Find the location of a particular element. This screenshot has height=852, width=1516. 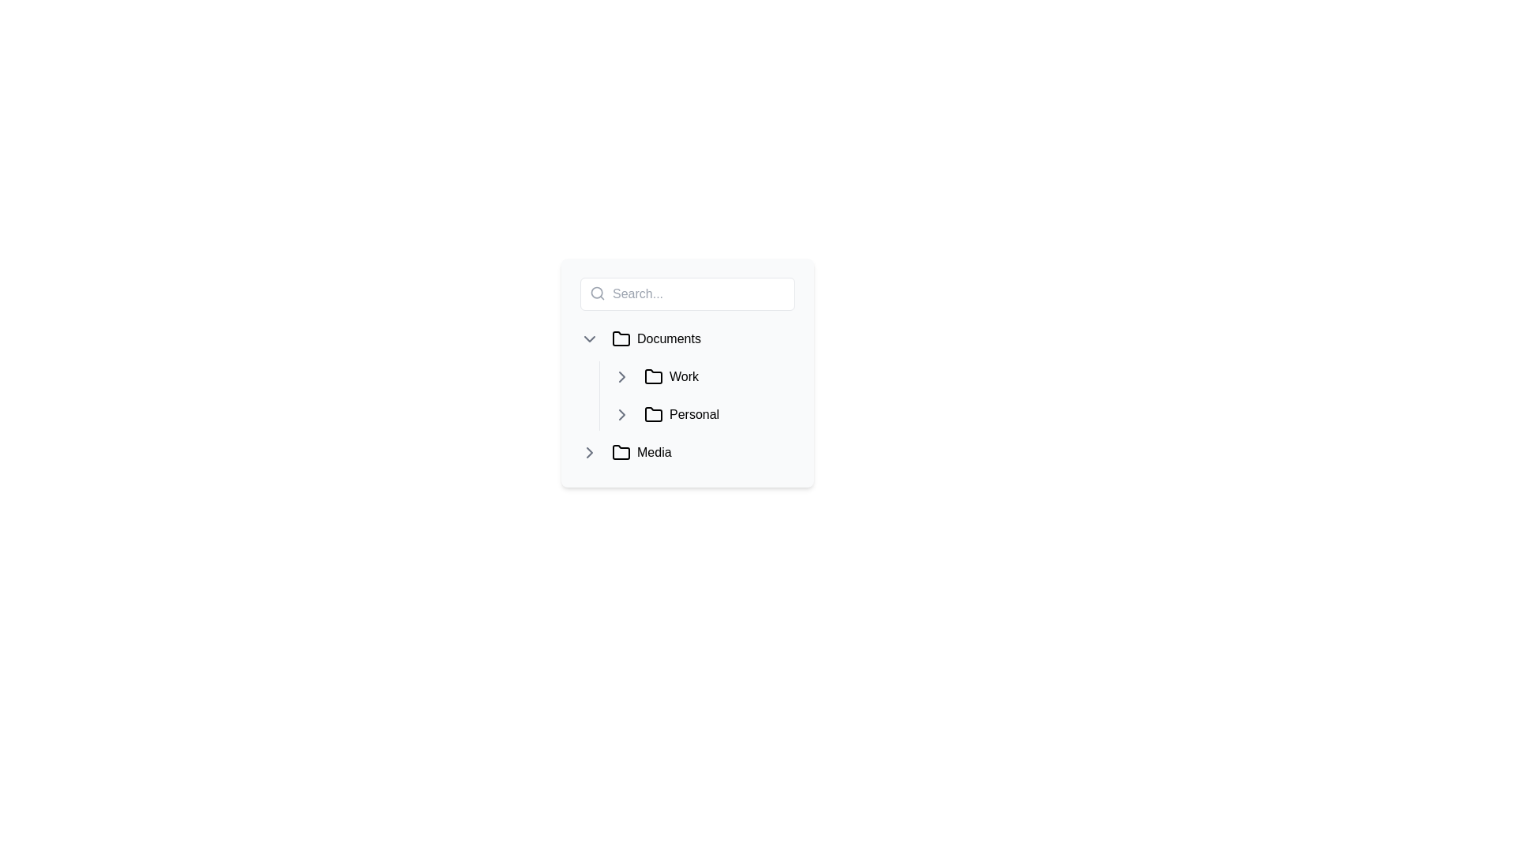

the folder icon representing the 'Media' folder in the tree navigation structure, which is visually styled with a black stroke and a tab on the top left is located at coordinates (621, 452).